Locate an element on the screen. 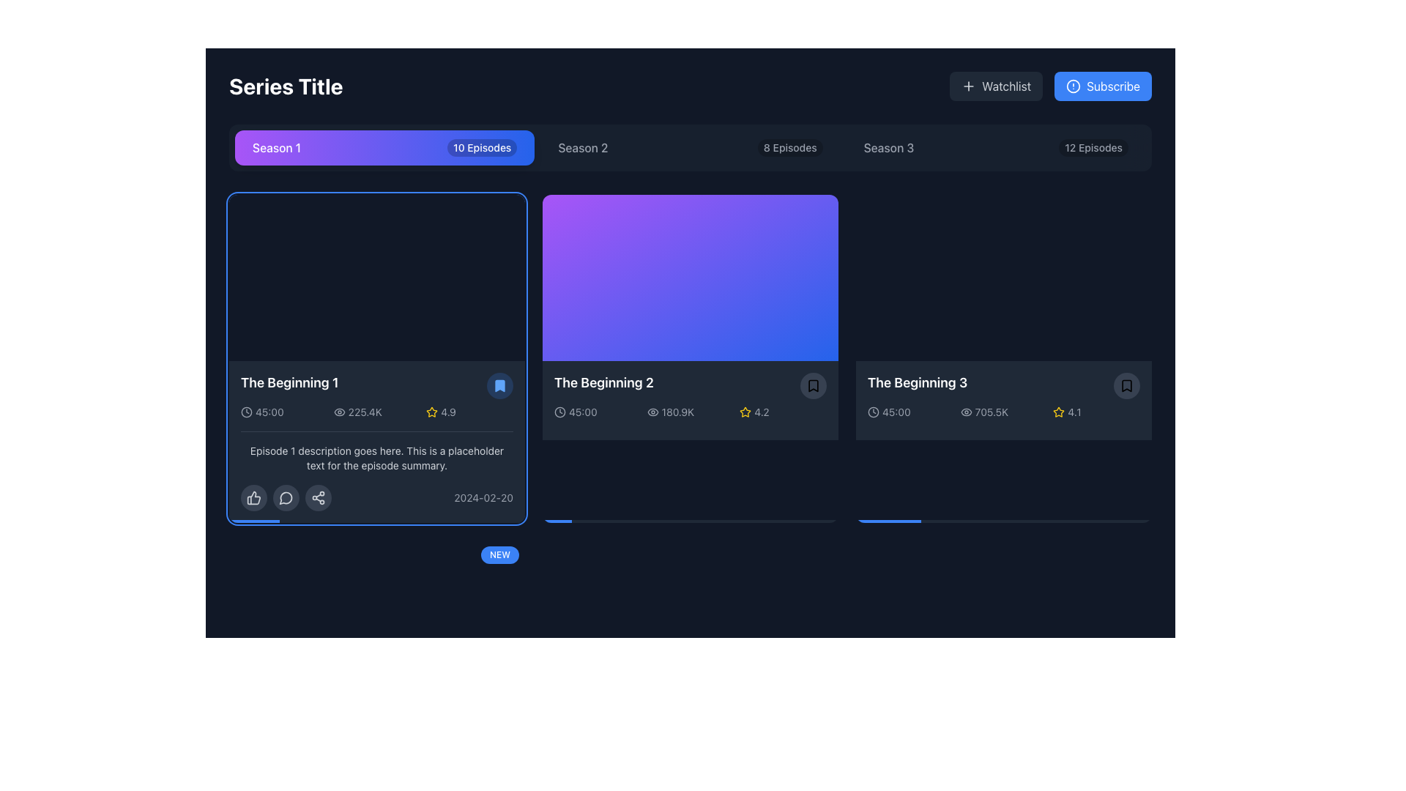 The image size is (1406, 791). the static text label for 'Season 2', which is positioned immediately to the right of the 'Season 1' label in the season selection interface is located at coordinates (582, 147).